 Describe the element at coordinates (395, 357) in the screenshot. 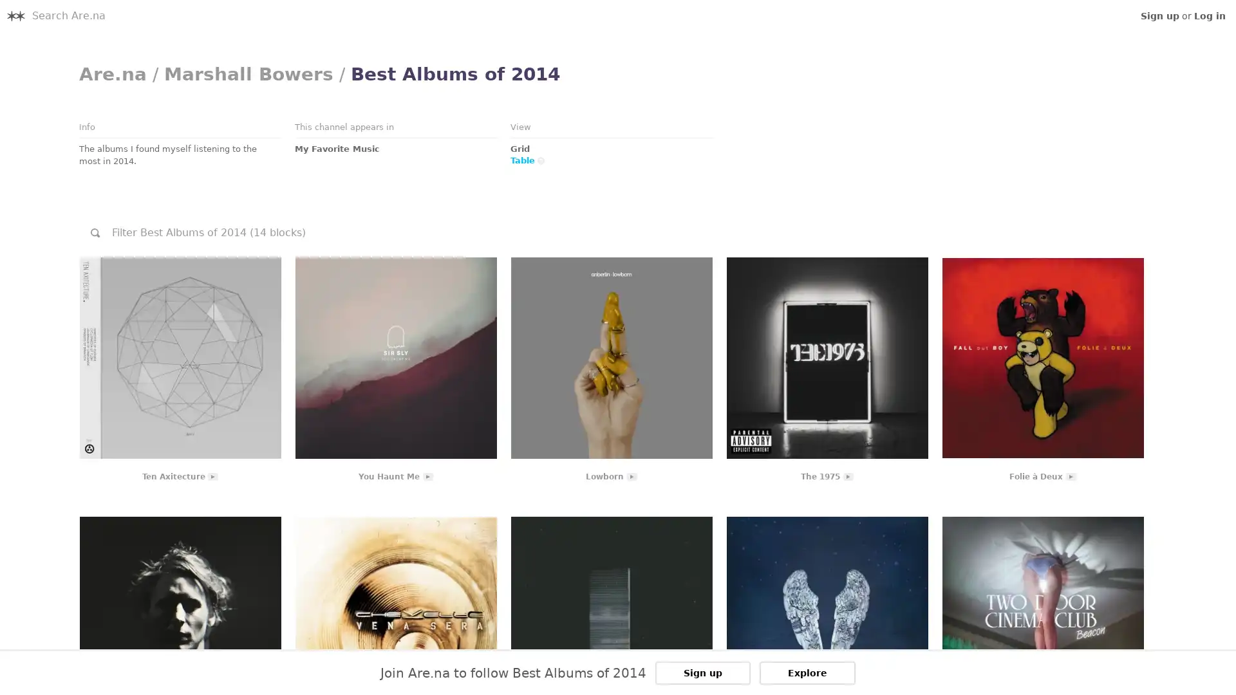

I see `Link to Embed: You Haunt Me` at that location.